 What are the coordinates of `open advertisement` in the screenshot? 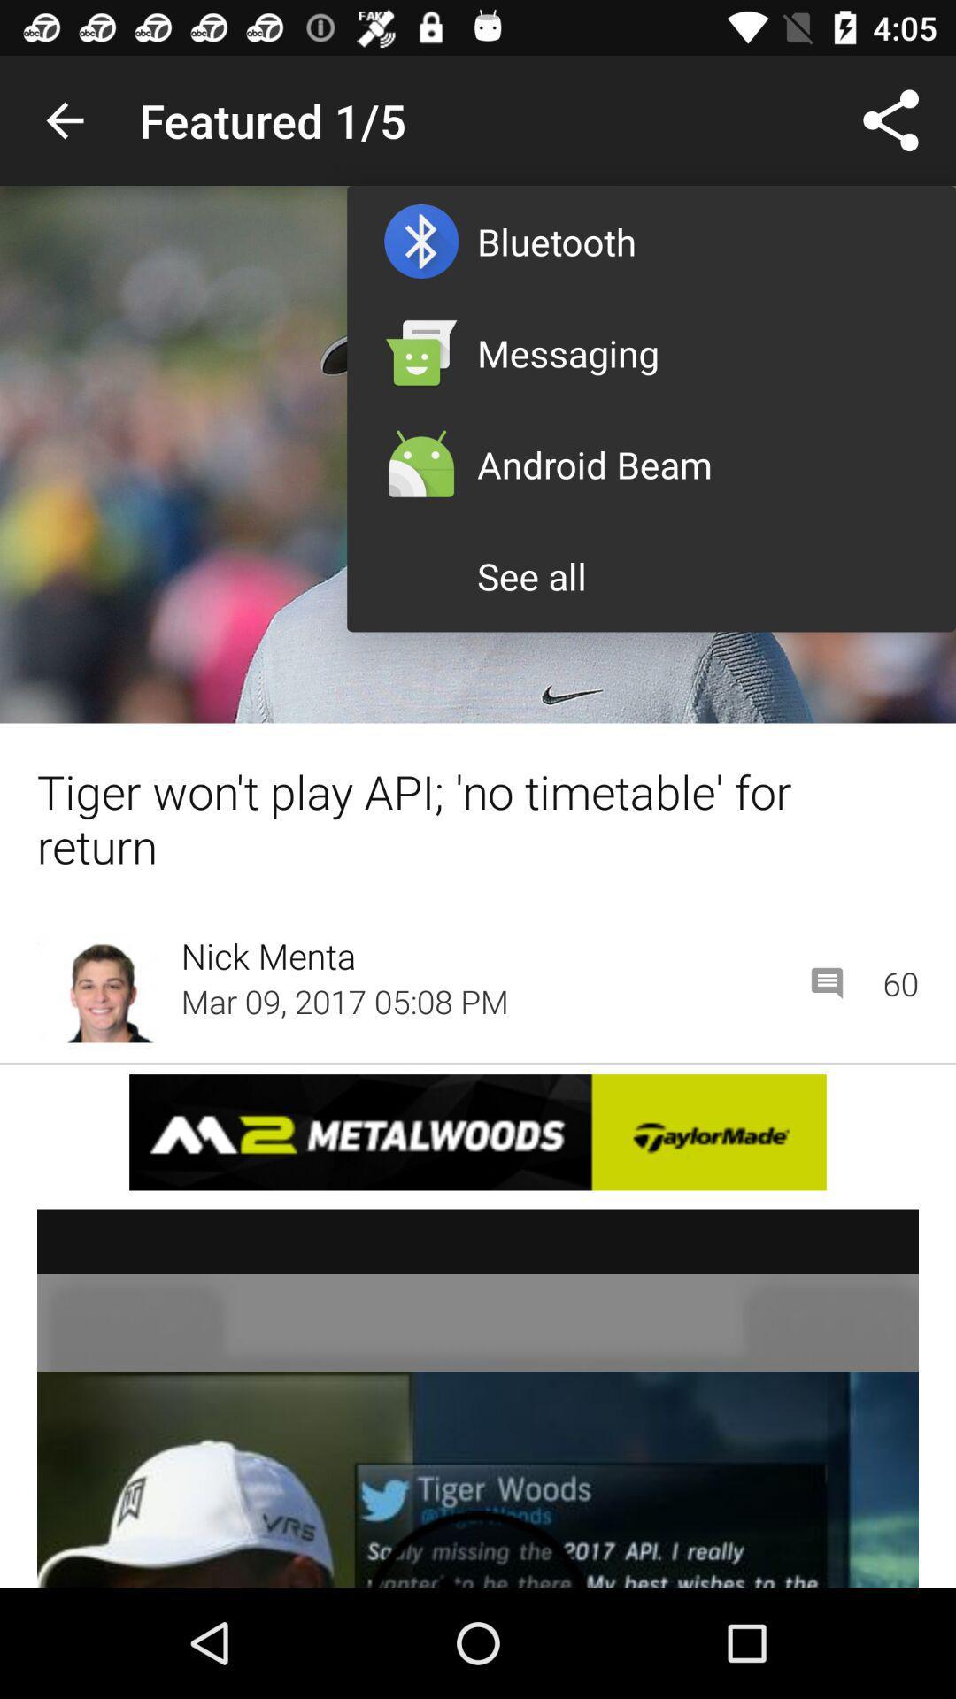 It's located at (478, 1131).